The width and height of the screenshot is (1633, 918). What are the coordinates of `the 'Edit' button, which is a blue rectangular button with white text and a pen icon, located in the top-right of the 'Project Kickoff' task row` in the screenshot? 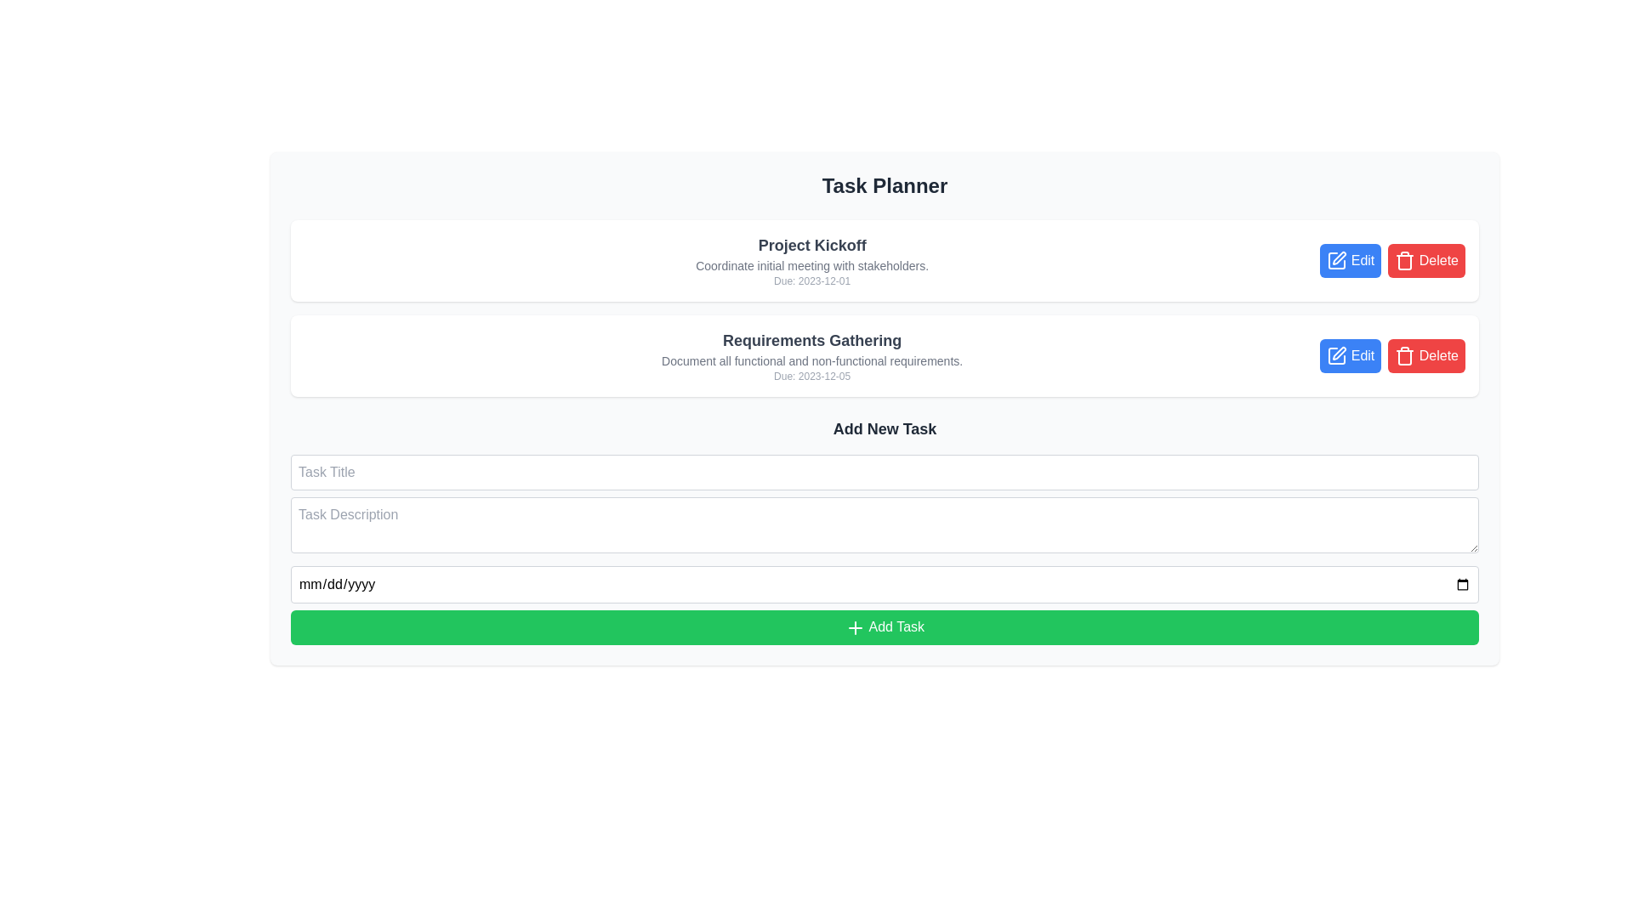 It's located at (1350, 261).